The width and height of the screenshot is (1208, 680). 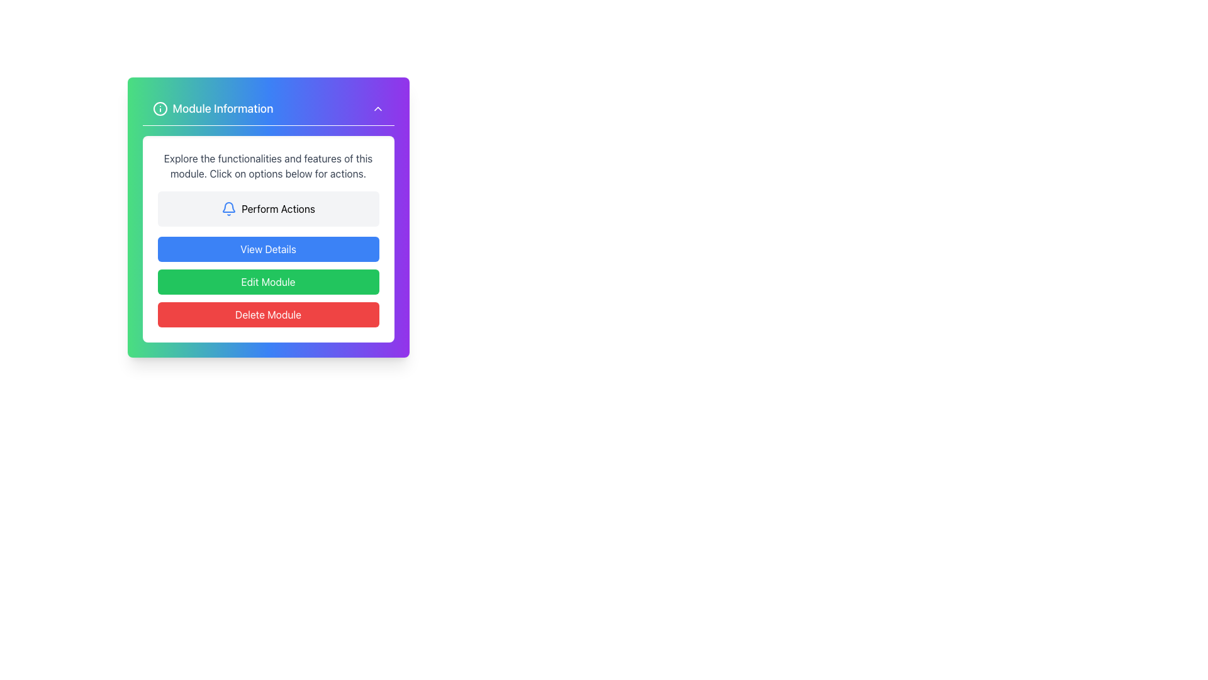 What do you see at coordinates (377, 108) in the screenshot?
I see `the chevron up icon located at the far right of the header bar, next to the 'Module Information' title` at bounding box center [377, 108].